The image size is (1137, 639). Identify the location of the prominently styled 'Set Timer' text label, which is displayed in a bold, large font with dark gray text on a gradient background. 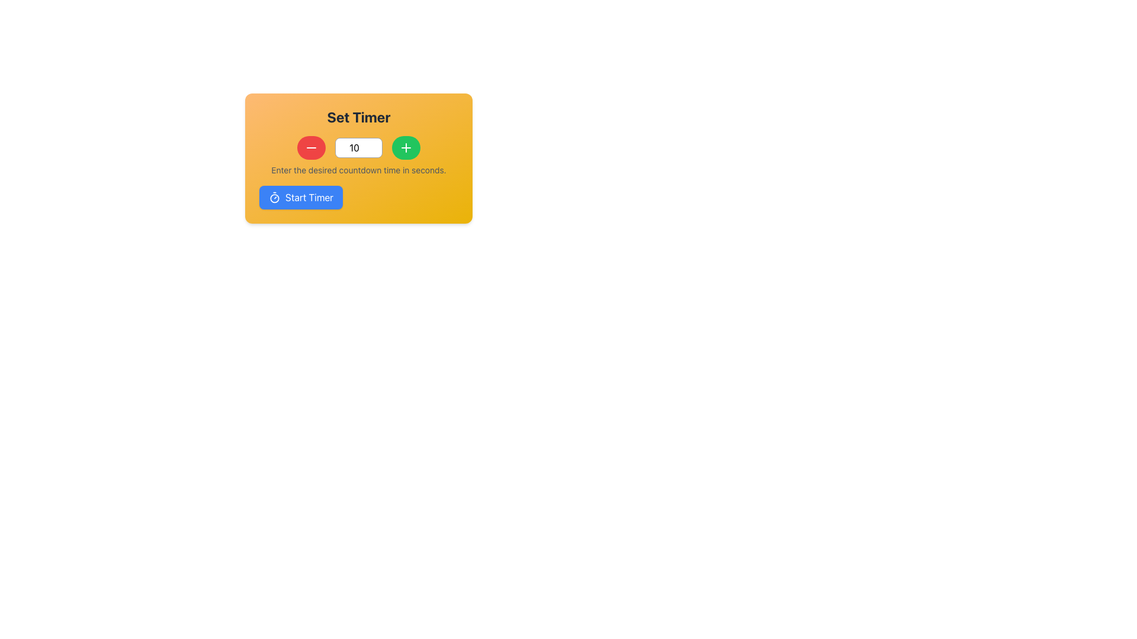
(358, 117).